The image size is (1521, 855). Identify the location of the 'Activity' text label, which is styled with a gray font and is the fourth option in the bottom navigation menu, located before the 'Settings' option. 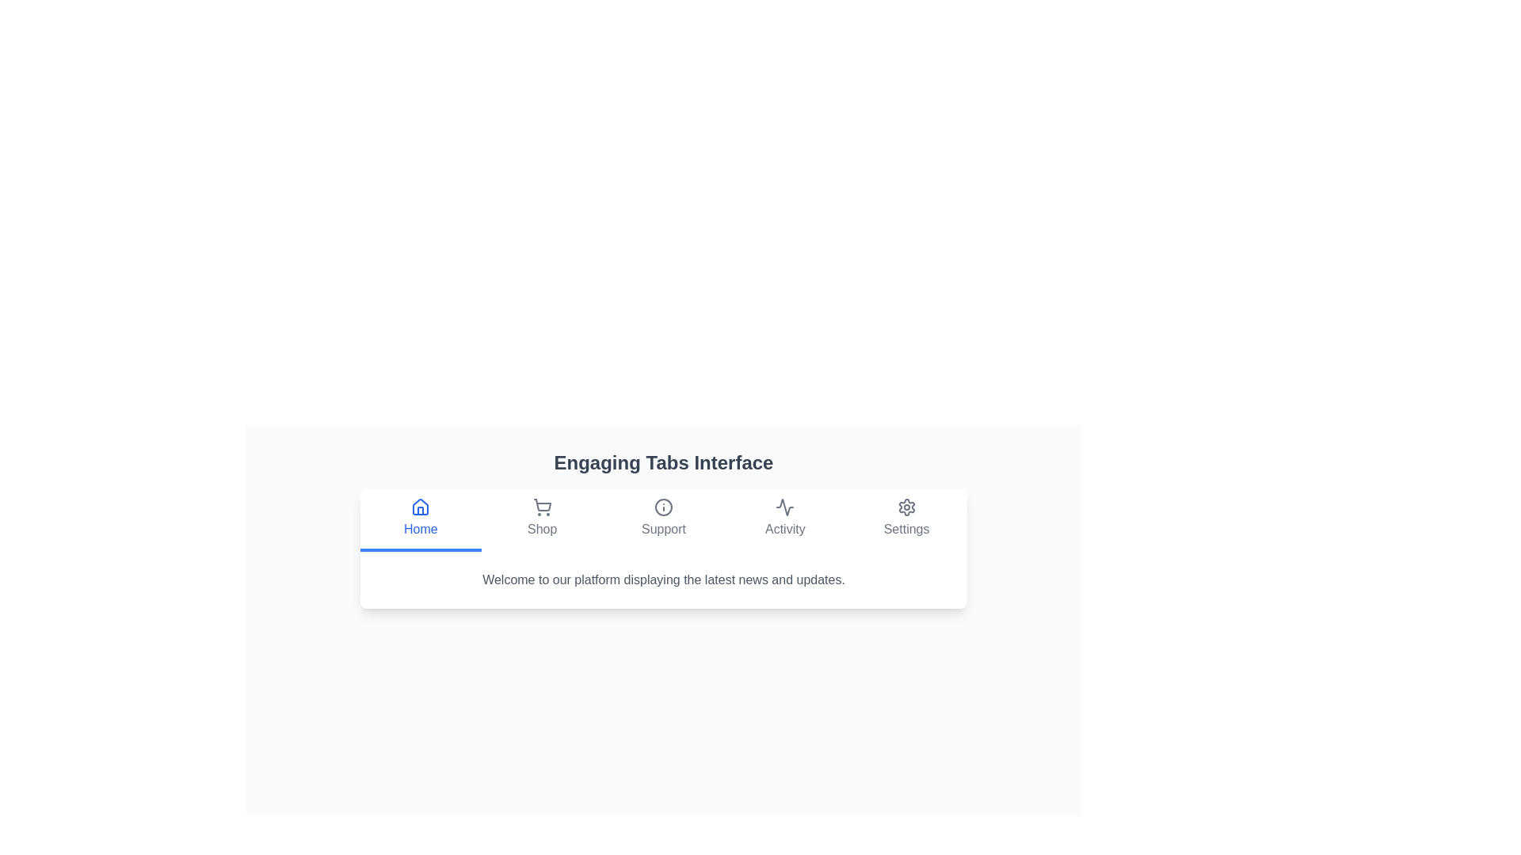
(785, 529).